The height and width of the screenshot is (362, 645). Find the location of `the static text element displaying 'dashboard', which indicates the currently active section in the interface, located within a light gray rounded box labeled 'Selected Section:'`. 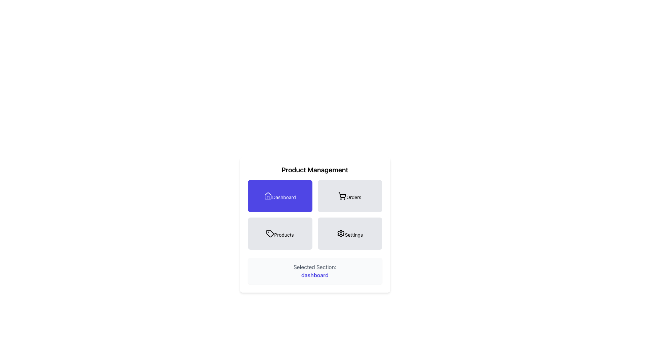

the static text element displaying 'dashboard', which indicates the currently active section in the interface, located within a light gray rounded box labeled 'Selected Section:' is located at coordinates (314, 275).